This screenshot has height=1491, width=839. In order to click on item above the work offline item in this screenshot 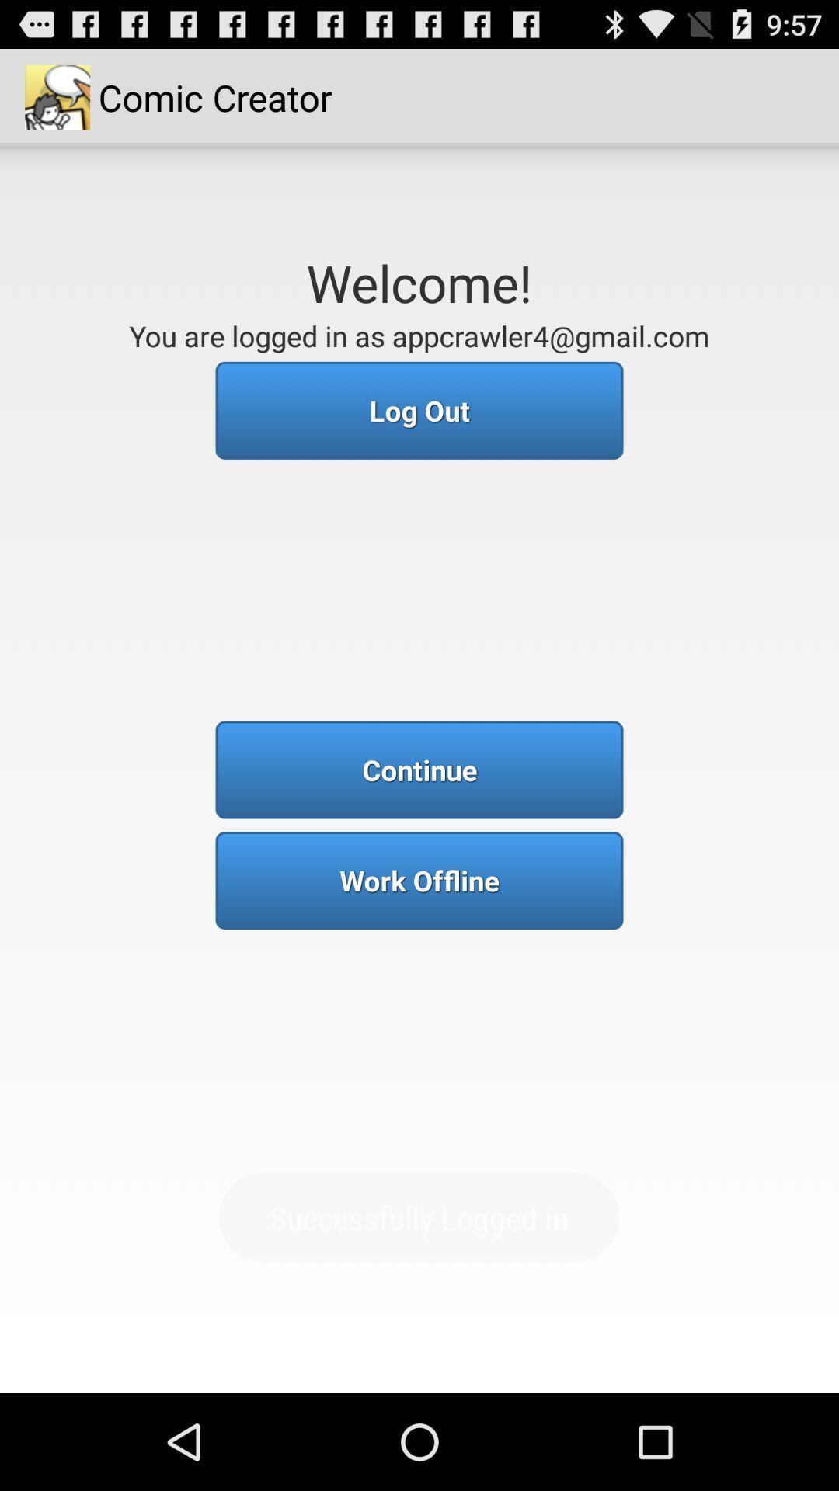, I will do `click(419, 770)`.